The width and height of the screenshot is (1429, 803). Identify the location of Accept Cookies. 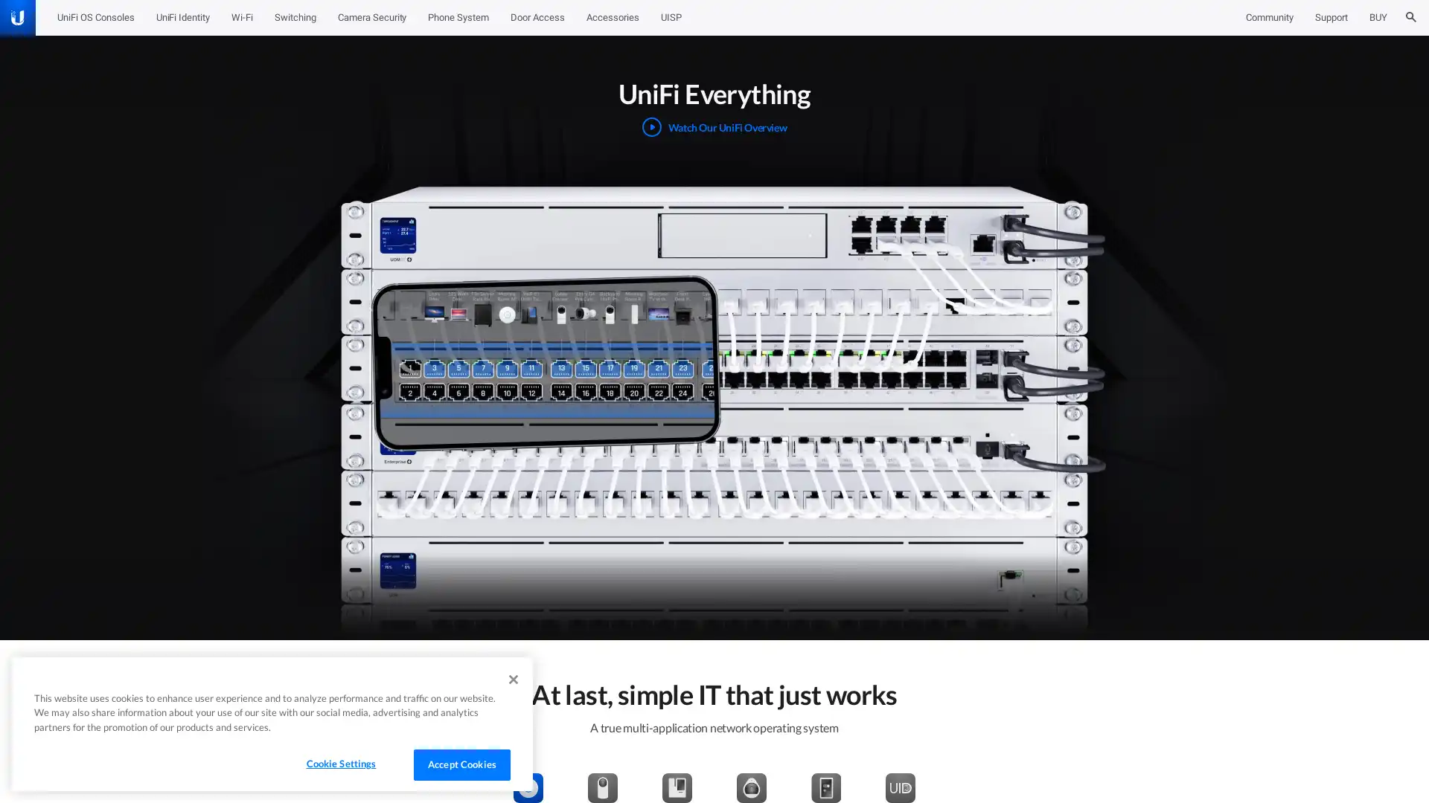
(461, 769).